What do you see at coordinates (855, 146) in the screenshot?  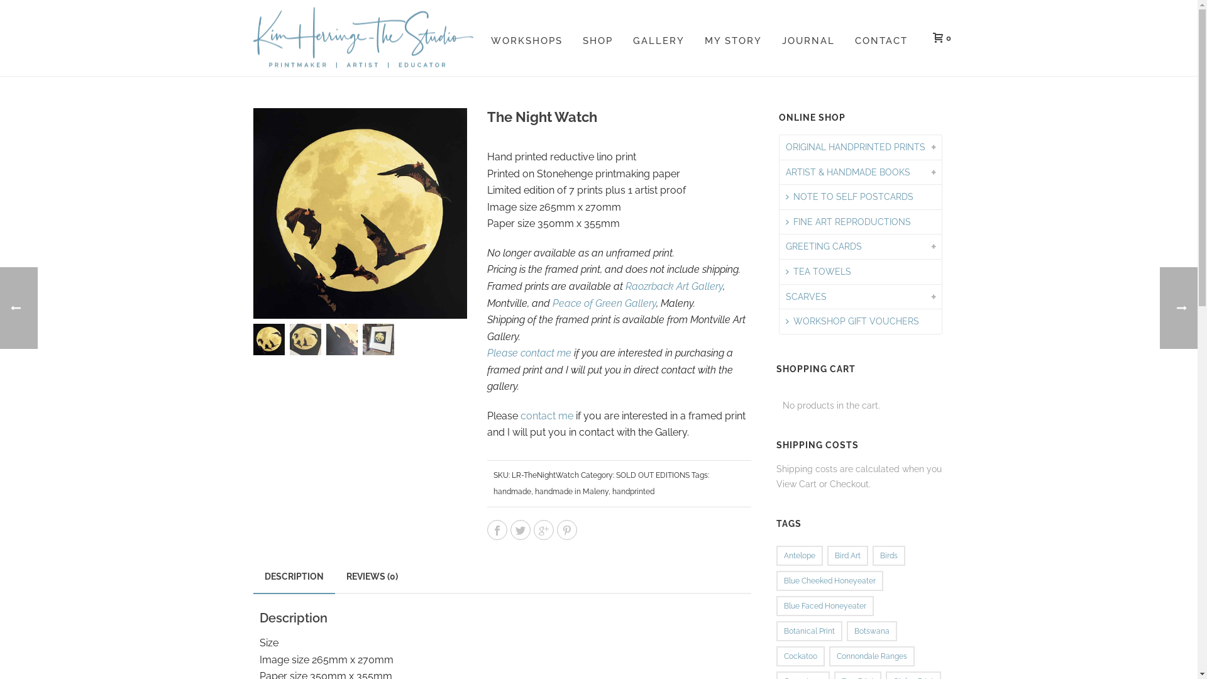 I see `'ORIGINAL HANDPRINTED PRINTS'` at bounding box center [855, 146].